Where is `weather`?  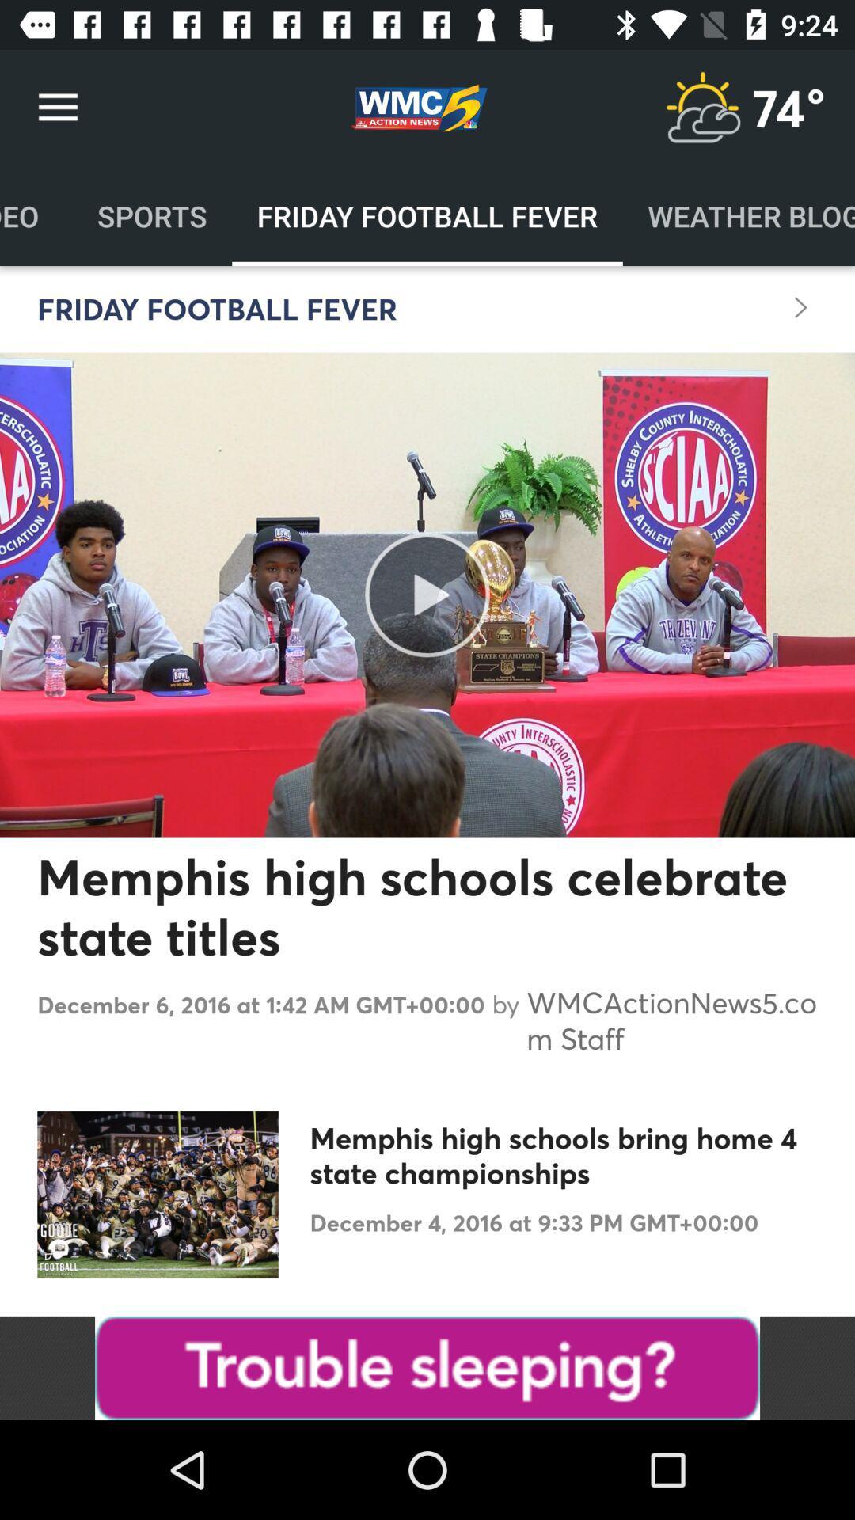
weather is located at coordinates (701, 107).